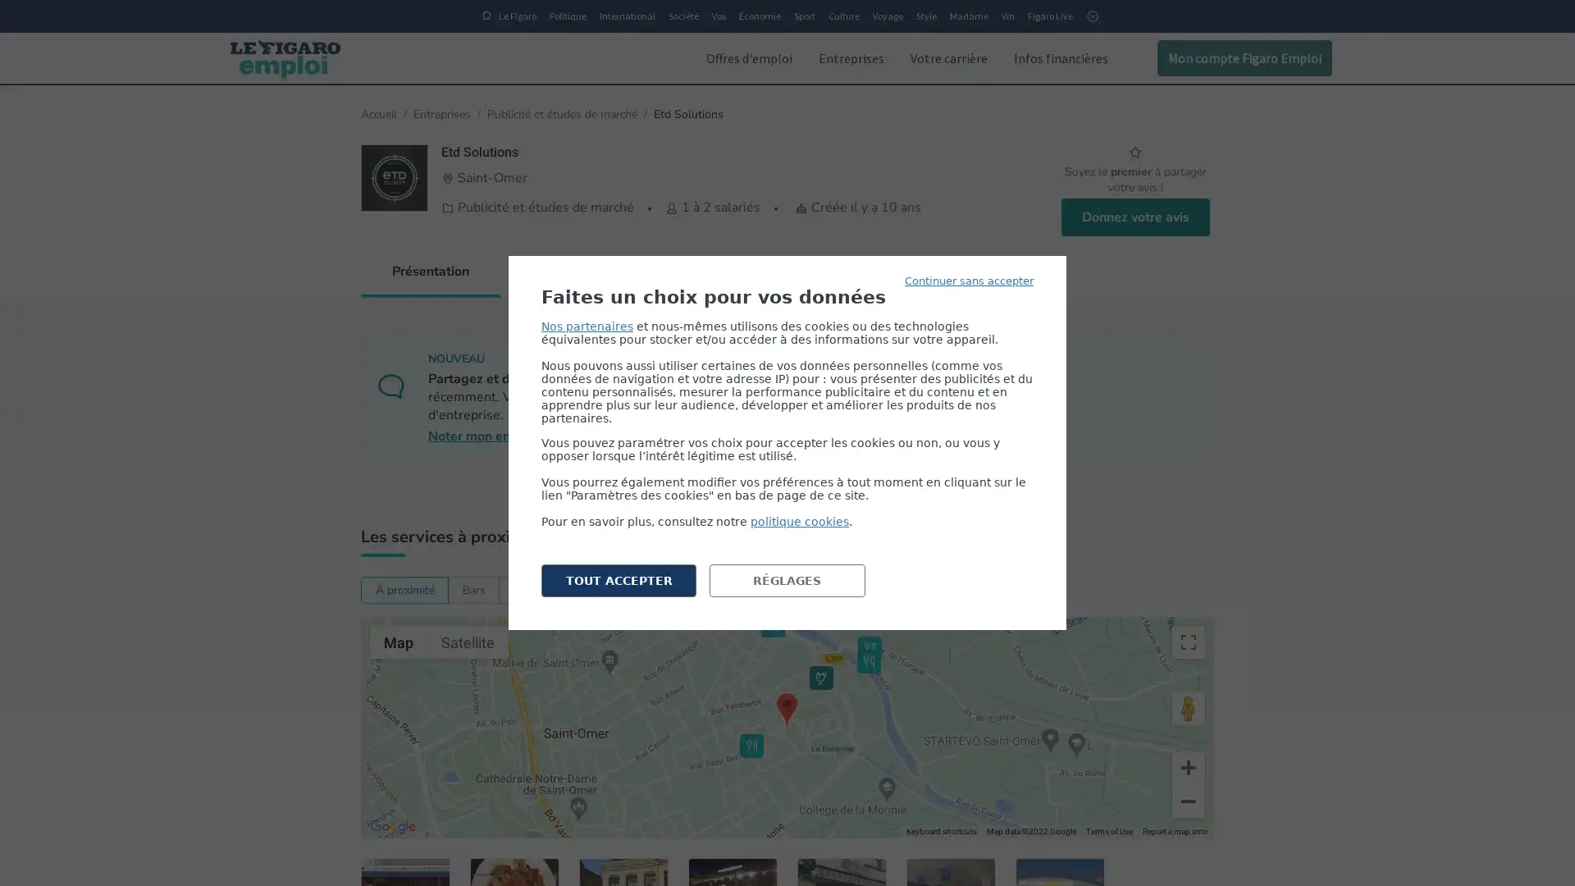 This screenshot has height=886, width=1575. Describe the element at coordinates (1189, 768) in the screenshot. I see `Zoom in` at that location.